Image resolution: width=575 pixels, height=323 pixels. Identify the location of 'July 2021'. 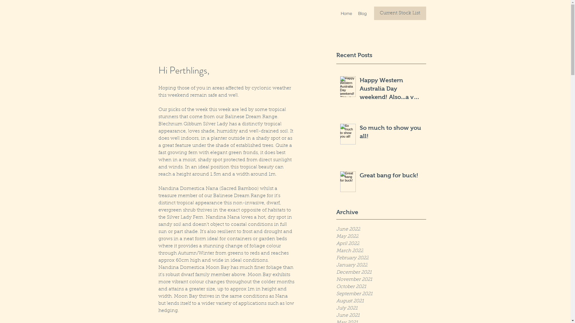
(381, 308).